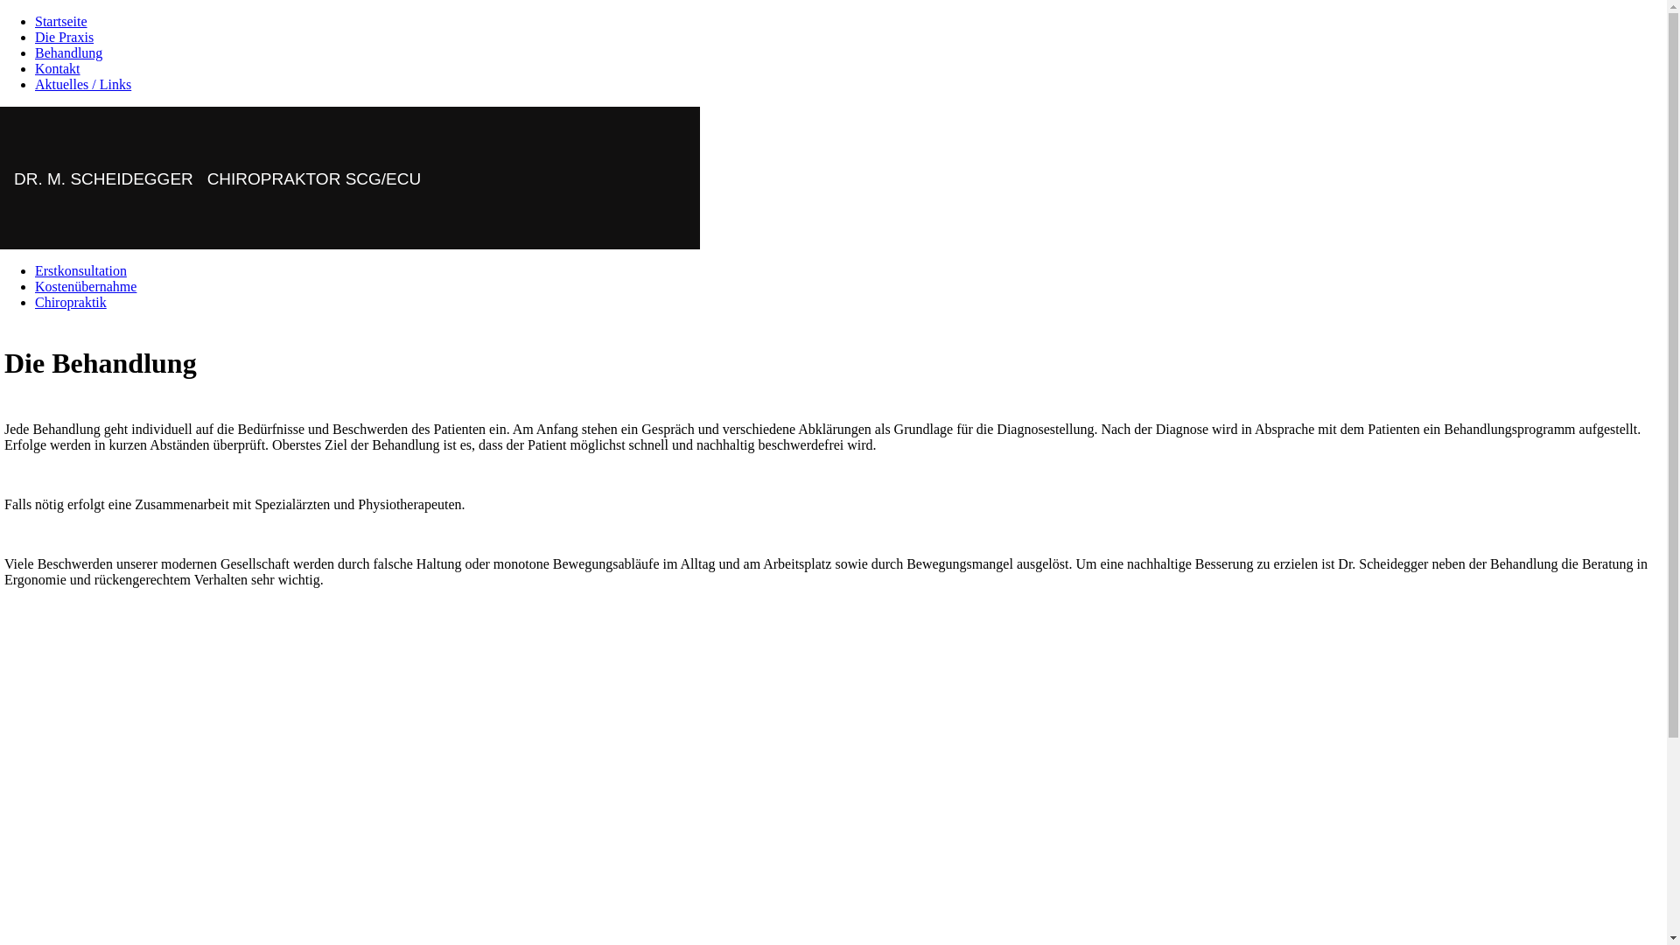 The height and width of the screenshot is (945, 1680). What do you see at coordinates (82, 84) in the screenshot?
I see `'Aktuelles / Links'` at bounding box center [82, 84].